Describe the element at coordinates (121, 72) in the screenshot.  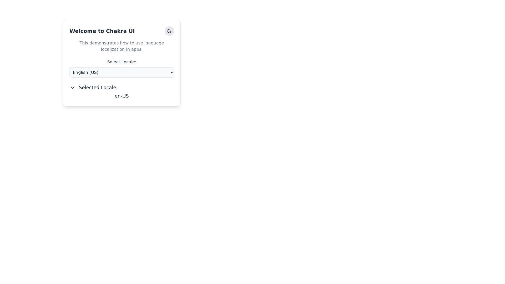
I see `the Dropdown menu located directly below the label 'Select Locale:'` at that location.